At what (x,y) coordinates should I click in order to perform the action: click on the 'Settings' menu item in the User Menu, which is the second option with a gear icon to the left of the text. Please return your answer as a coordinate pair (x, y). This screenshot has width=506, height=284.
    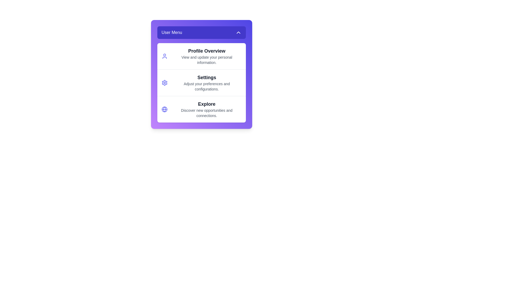
    Looking at the image, I should click on (206, 83).